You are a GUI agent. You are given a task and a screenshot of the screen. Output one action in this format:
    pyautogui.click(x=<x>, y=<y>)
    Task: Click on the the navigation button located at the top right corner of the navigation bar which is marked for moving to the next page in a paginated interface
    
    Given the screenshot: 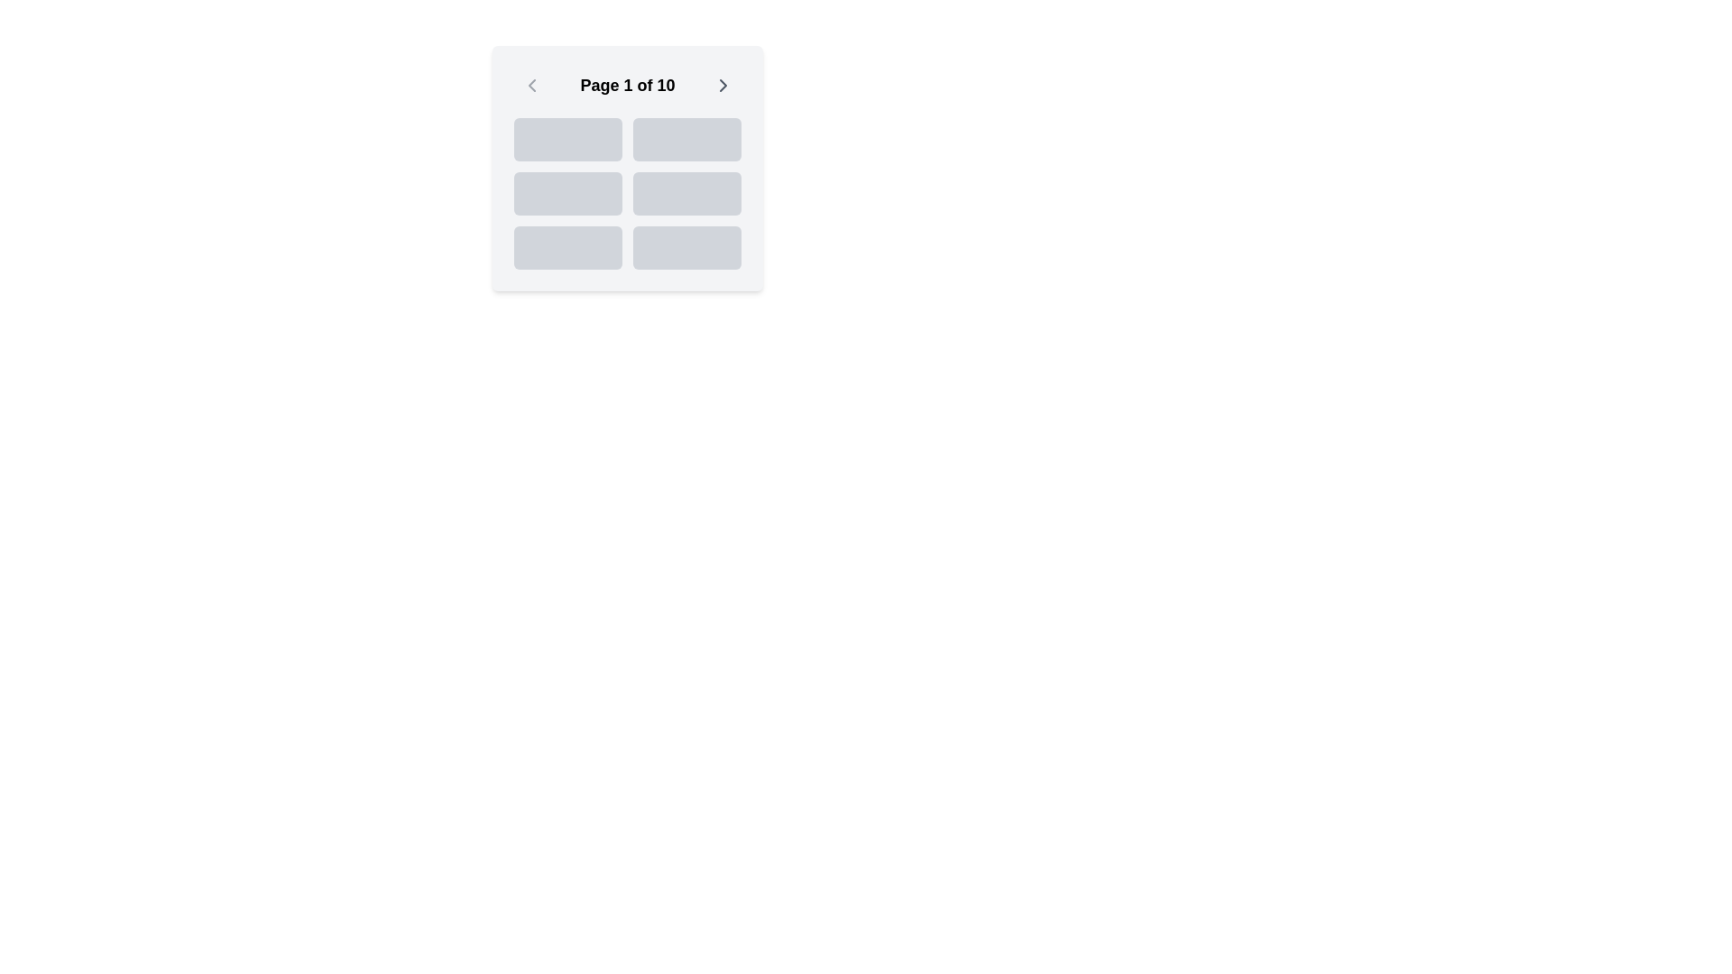 What is the action you would take?
    pyautogui.click(x=723, y=86)
    